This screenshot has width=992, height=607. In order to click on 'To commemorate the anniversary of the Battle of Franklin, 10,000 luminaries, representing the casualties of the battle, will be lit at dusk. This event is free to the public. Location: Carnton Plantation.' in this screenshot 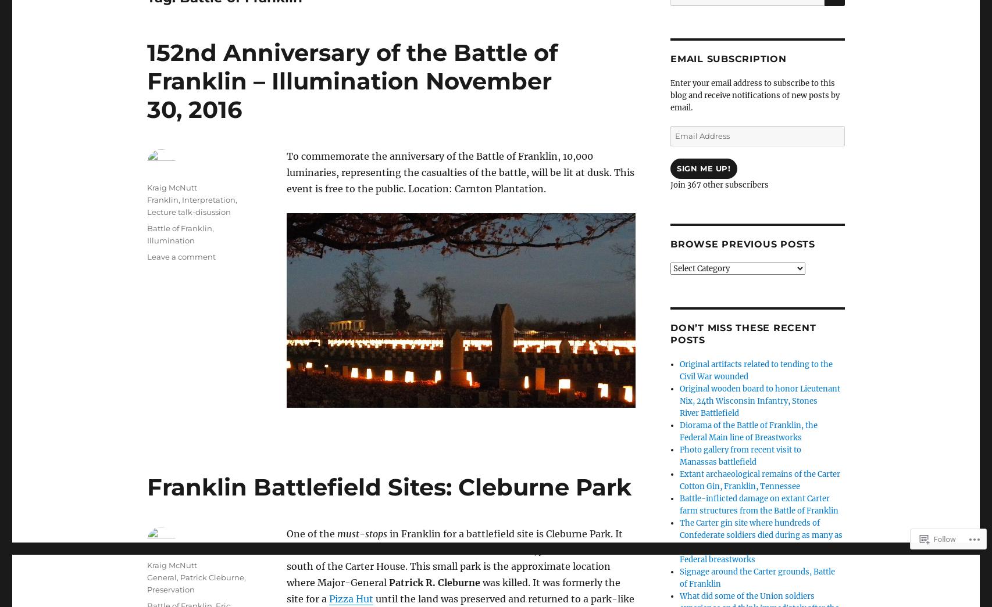, I will do `click(286, 172)`.